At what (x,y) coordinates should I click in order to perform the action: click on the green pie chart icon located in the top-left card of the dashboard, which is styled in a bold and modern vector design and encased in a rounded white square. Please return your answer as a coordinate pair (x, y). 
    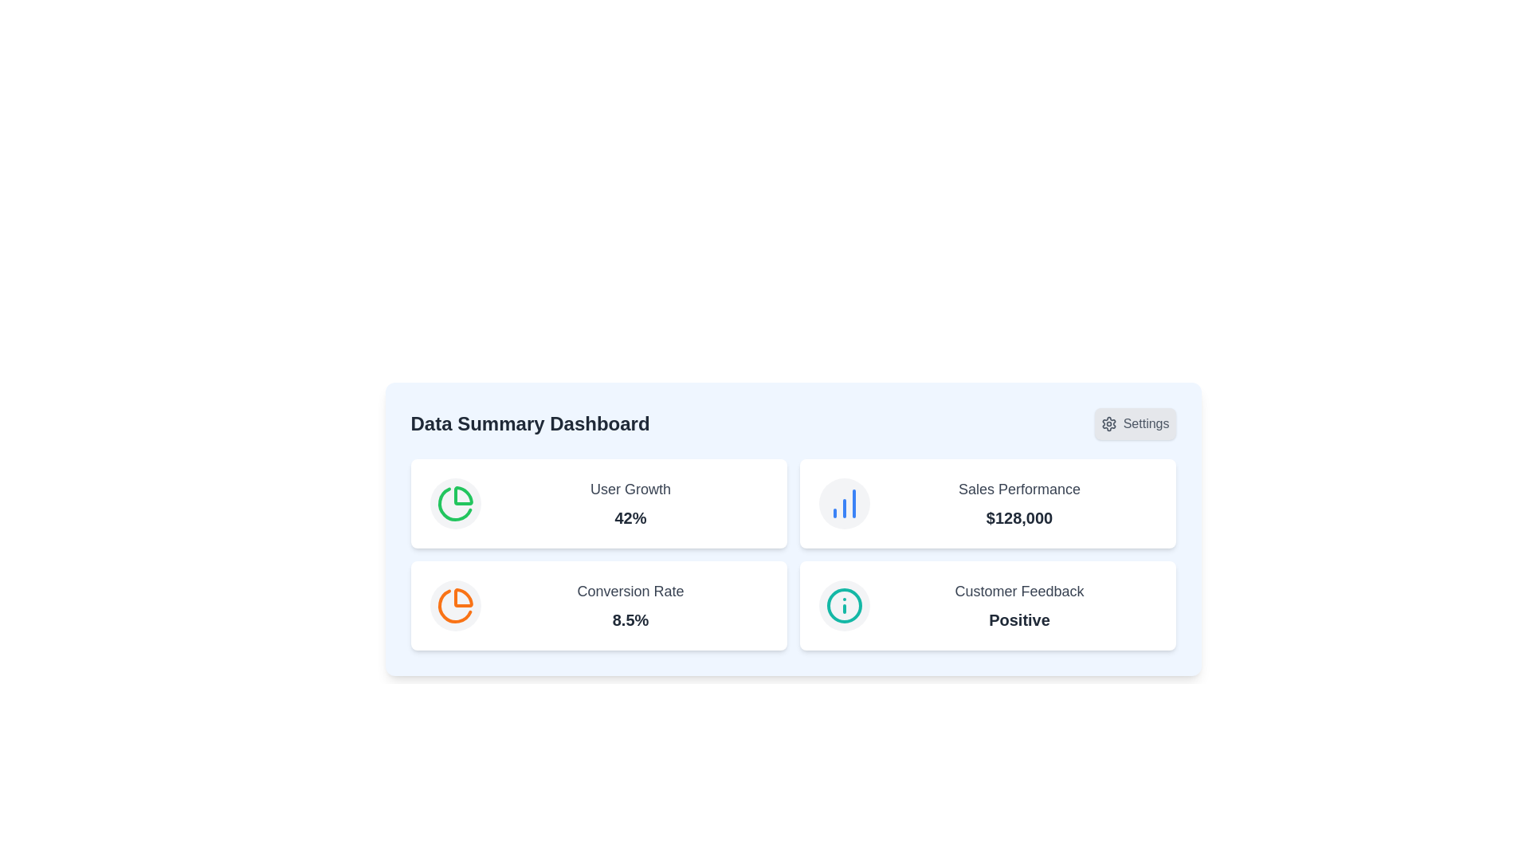
    Looking at the image, I should click on (454, 504).